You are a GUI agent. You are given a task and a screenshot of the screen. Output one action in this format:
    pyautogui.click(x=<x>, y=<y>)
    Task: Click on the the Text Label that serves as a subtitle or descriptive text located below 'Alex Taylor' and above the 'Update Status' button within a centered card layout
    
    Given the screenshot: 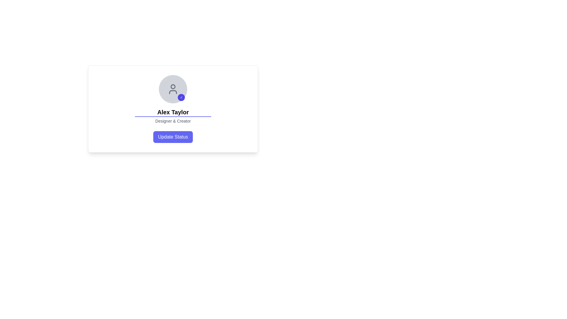 What is the action you would take?
    pyautogui.click(x=172, y=121)
    